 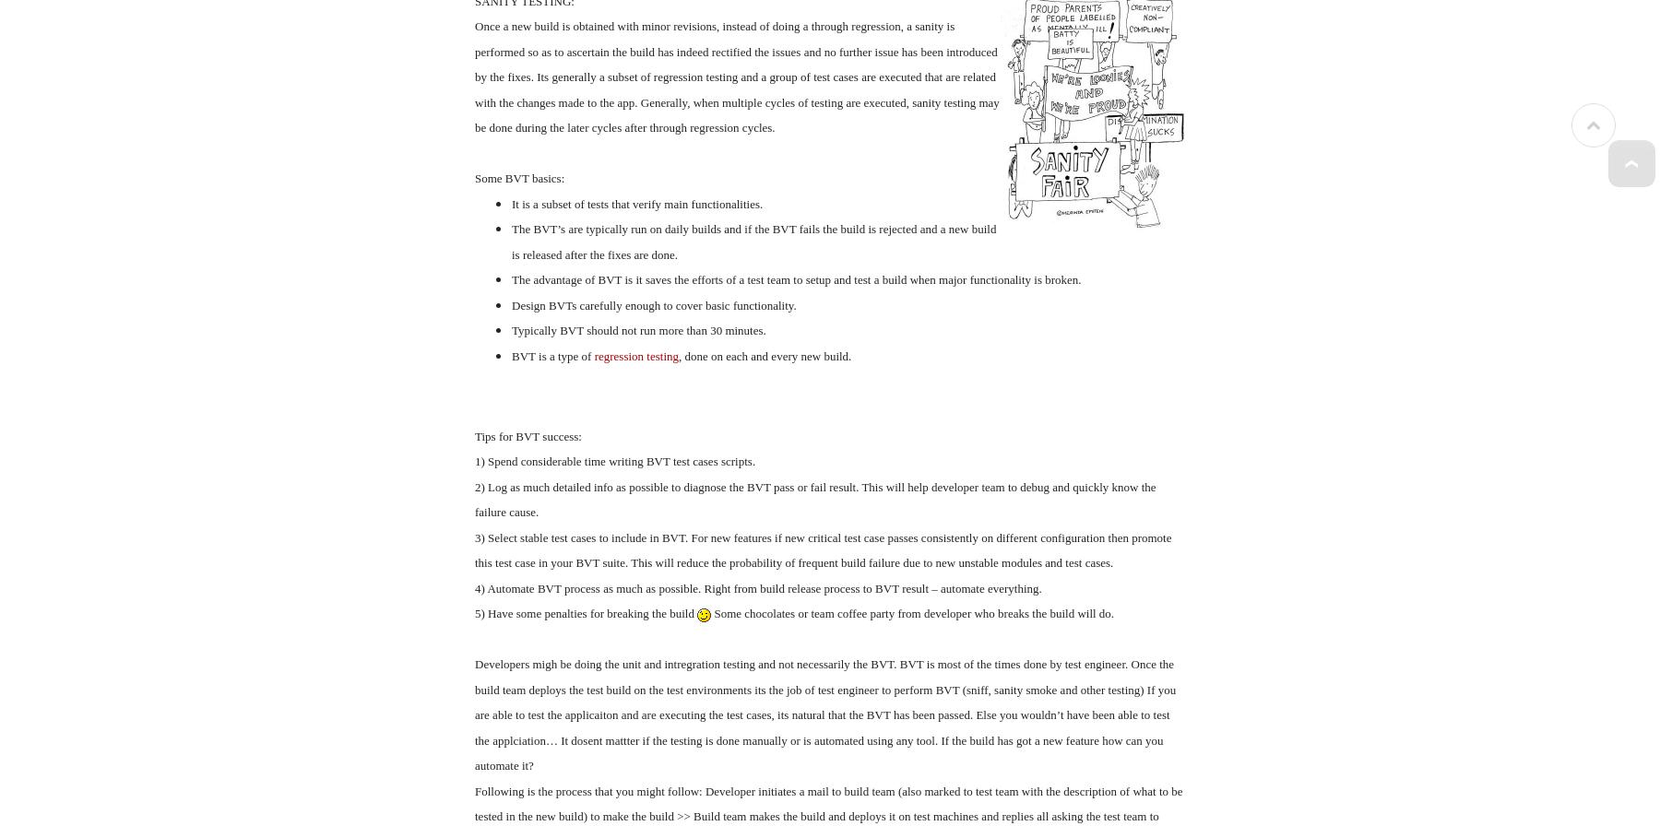 I want to click on 'The BVT’s are typically run on daily builds and if the BVT fails the build is rejected and a new build is released after the fixes are done.', so click(x=753, y=241).